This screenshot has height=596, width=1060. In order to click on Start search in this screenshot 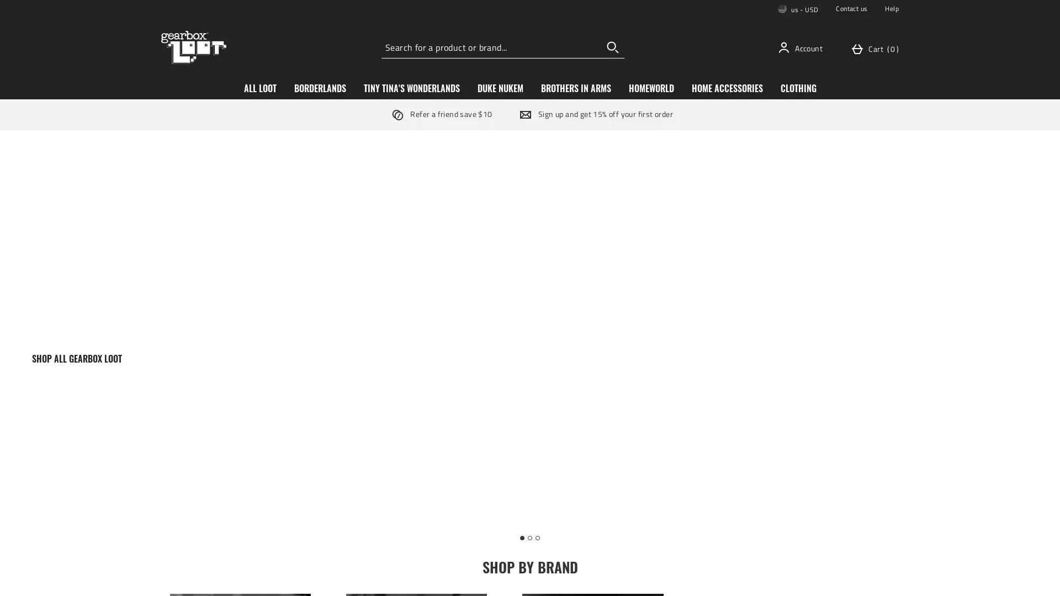, I will do `click(612, 46)`.